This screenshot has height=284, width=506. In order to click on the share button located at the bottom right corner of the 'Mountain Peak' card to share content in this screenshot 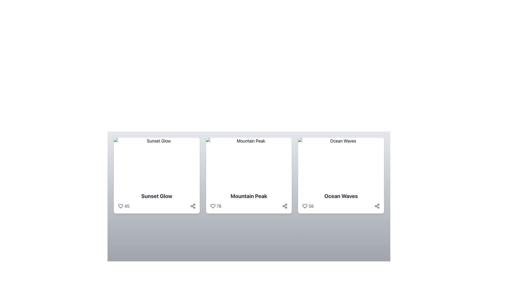, I will do `click(284, 206)`.